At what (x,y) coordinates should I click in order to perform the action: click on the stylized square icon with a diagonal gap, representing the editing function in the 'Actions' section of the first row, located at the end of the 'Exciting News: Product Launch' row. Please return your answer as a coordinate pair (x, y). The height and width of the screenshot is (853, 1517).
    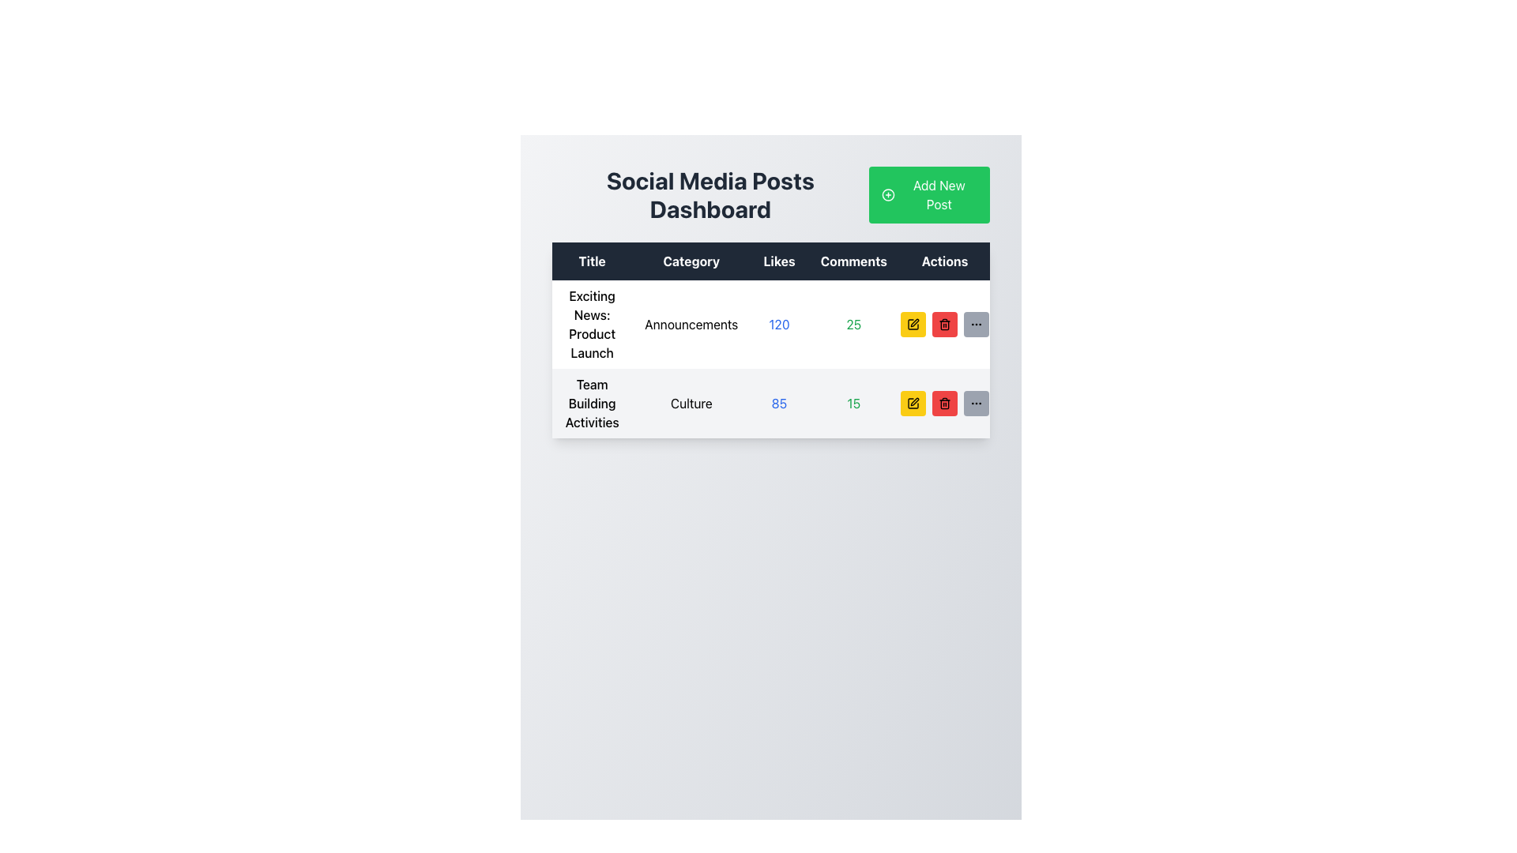
    Looking at the image, I should click on (913, 402).